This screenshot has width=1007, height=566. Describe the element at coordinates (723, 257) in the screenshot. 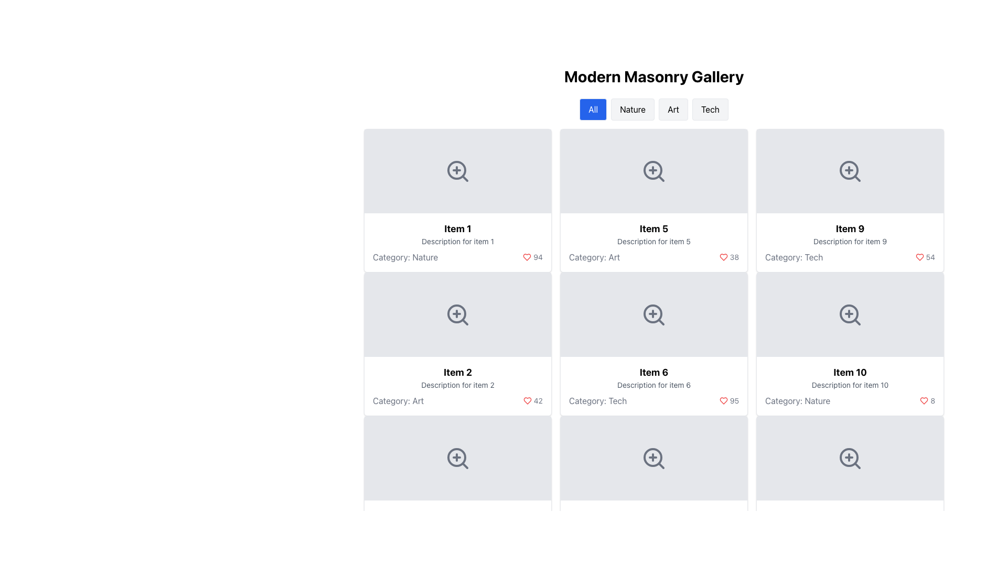

I see `the heart-shaped indicator icon representing likes for 'Item 9', located below the item's description and next to the '54' label` at that location.